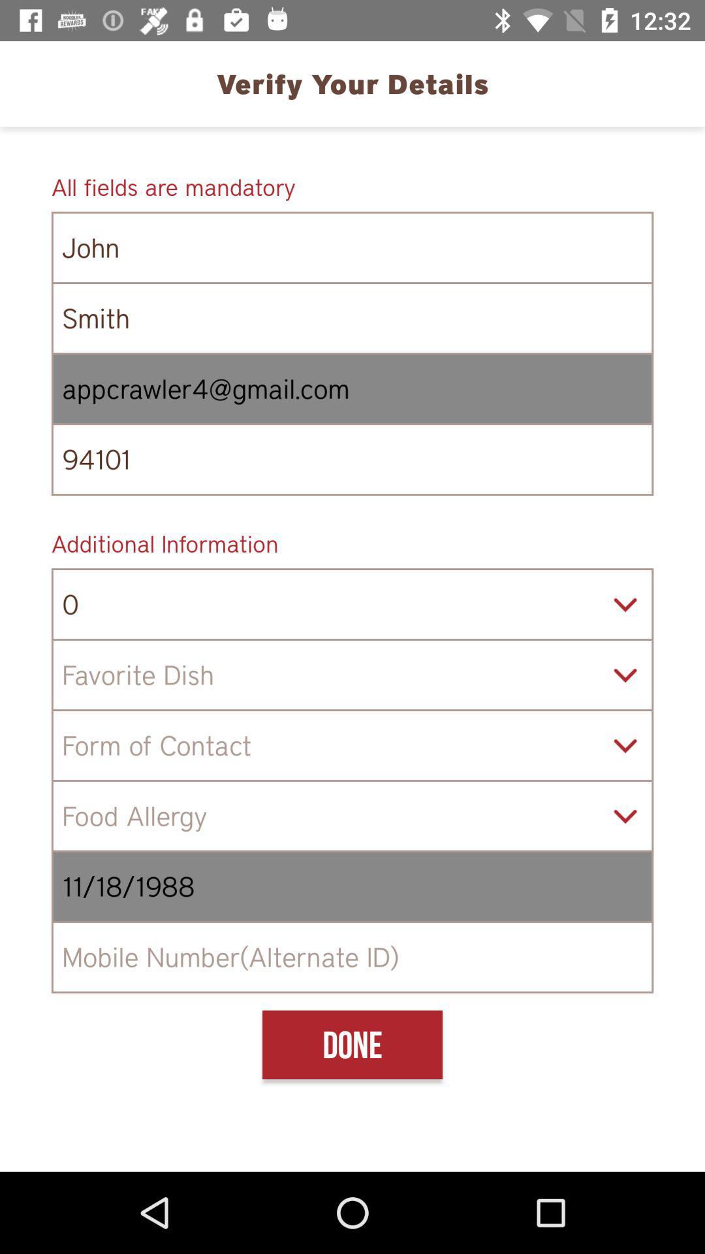 The height and width of the screenshot is (1254, 705). Describe the element at coordinates (352, 815) in the screenshot. I see `drop down menu of foods to select as allergy` at that location.